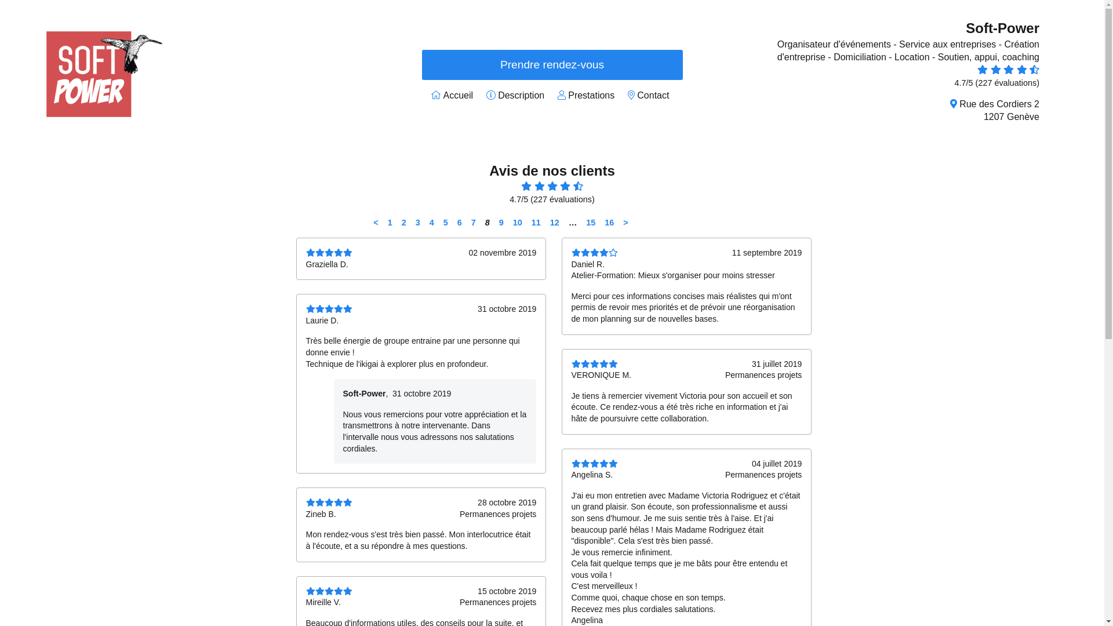 This screenshot has height=626, width=1113. I want to click on 'Description', so click(498, 94).